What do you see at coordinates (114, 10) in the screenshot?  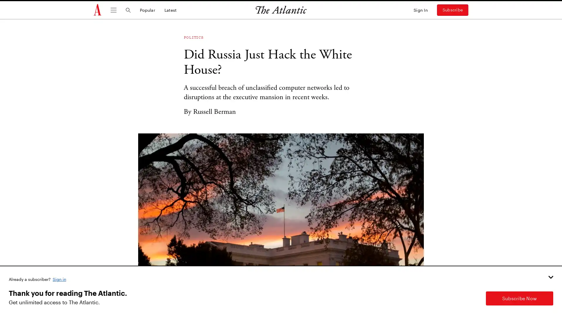 I see `Open Main Menu` at bounding box center [114, 10].